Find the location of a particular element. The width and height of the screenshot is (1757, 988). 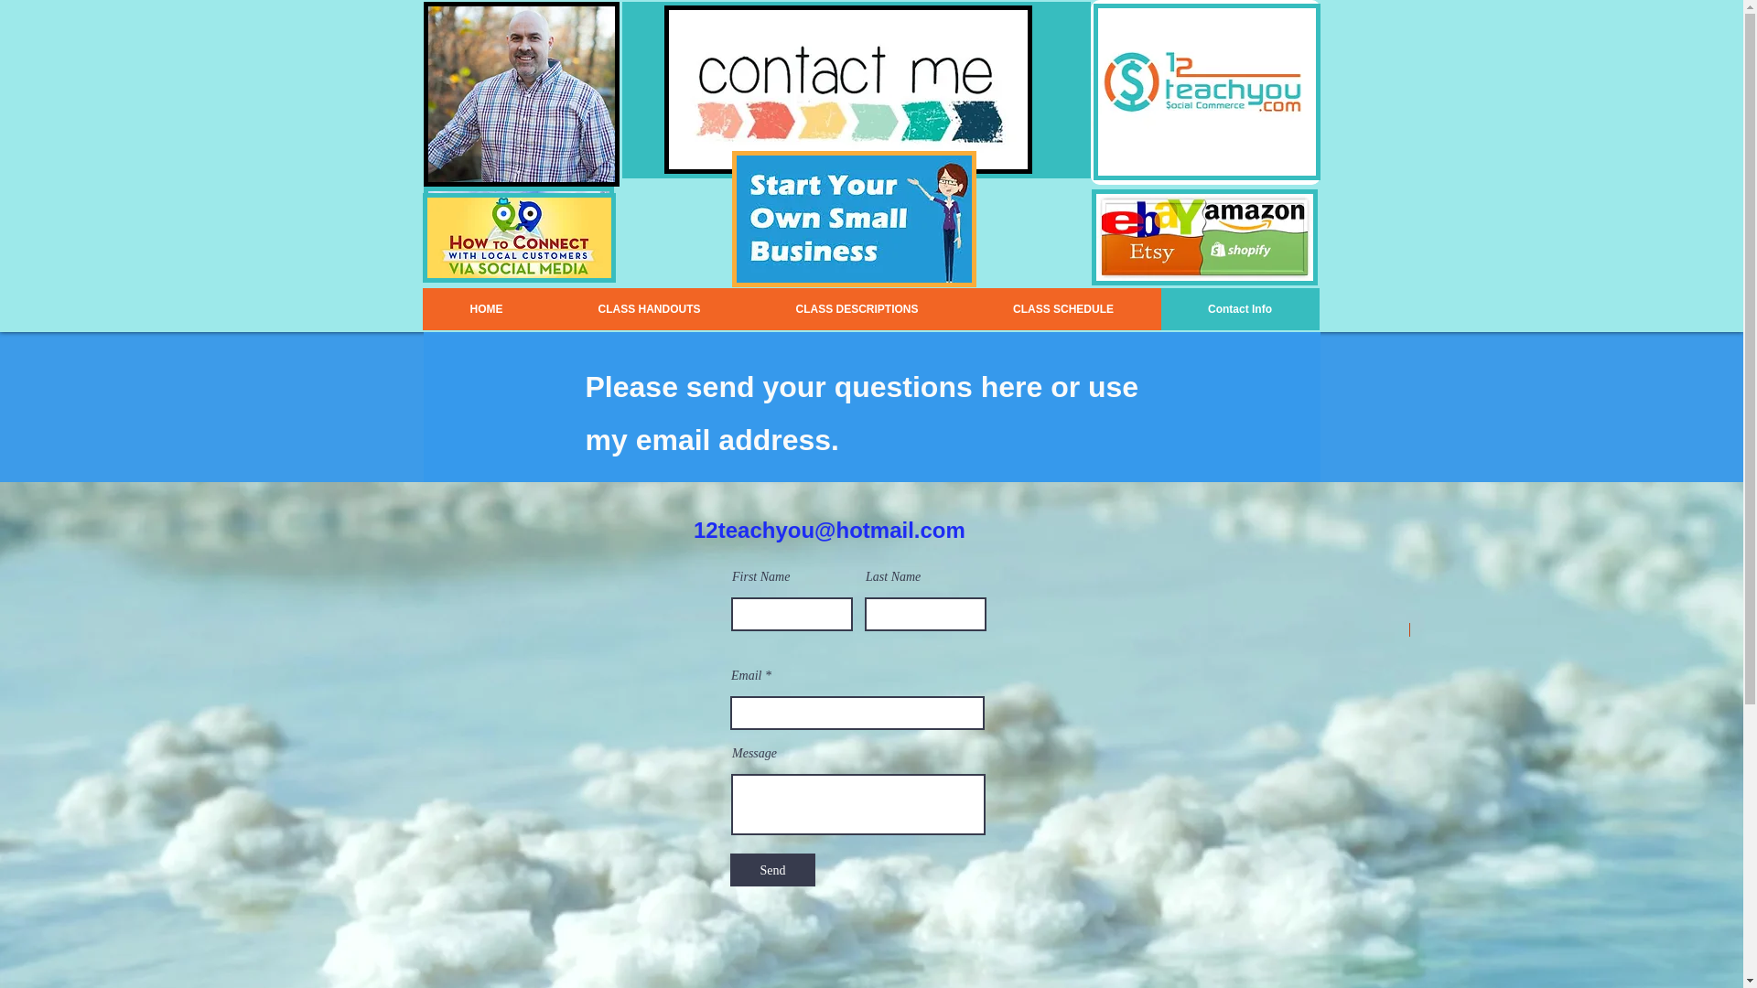

'HOME' is located at coordinates (421, 308).